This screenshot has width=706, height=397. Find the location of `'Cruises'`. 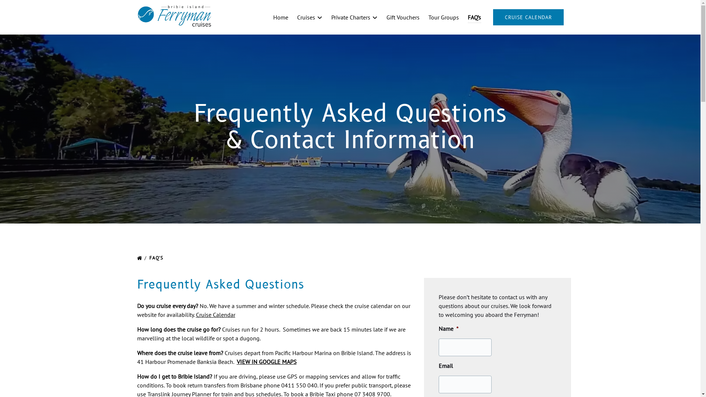

'Cruises' is located at coordinates (310, 17).